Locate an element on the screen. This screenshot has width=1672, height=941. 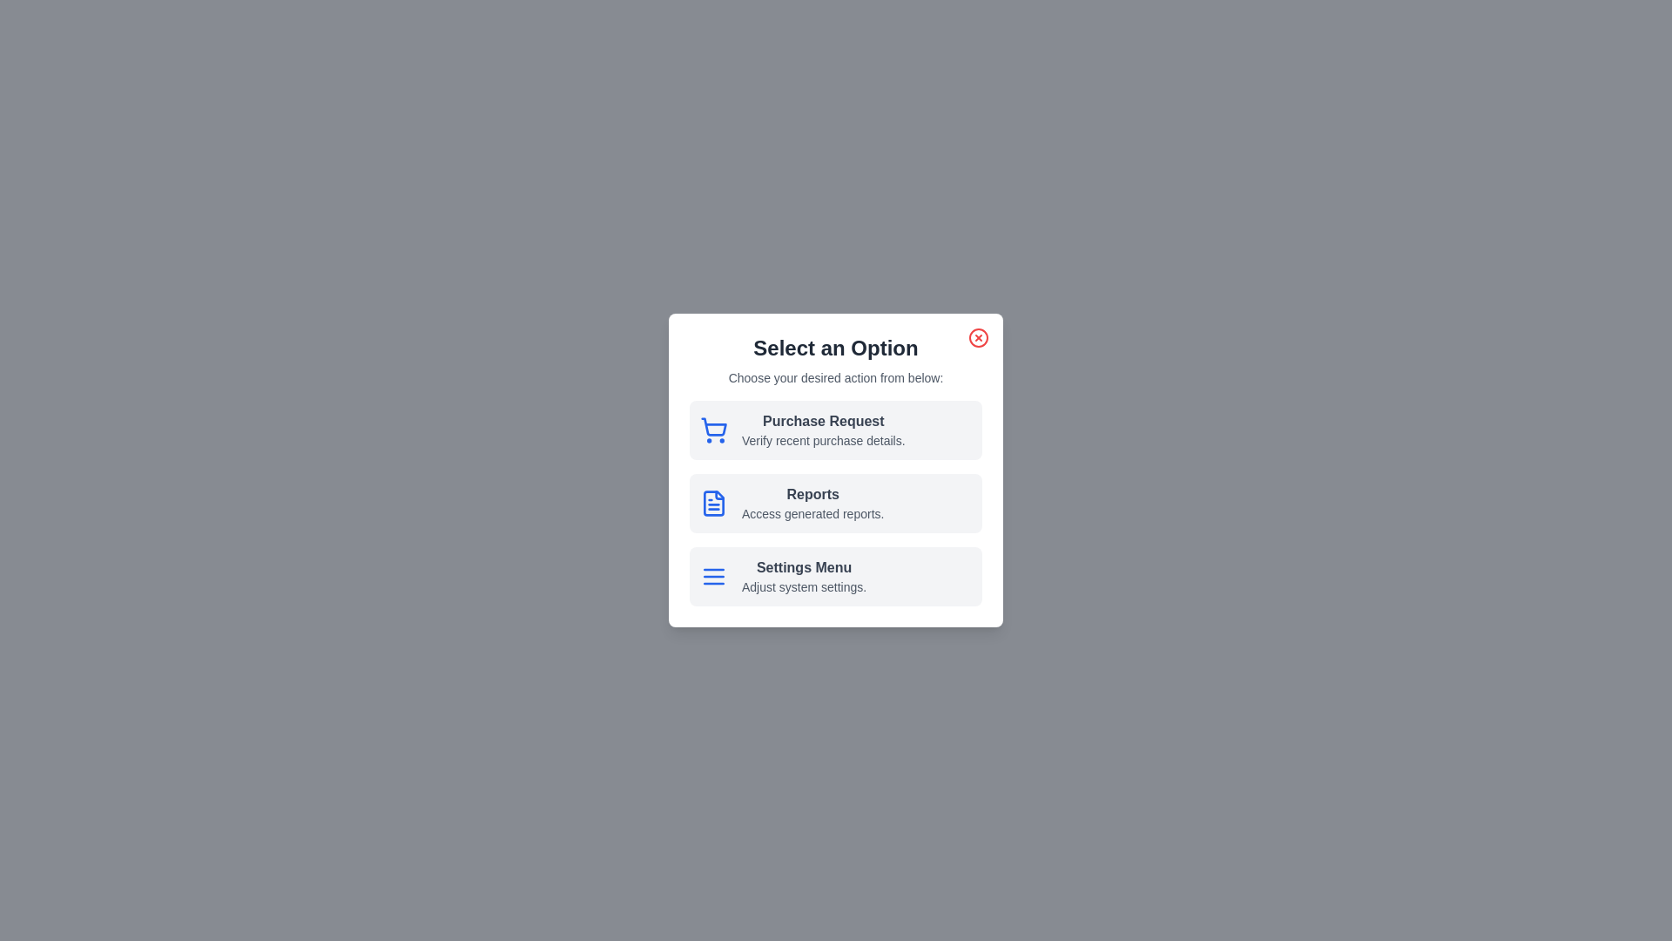
the option Reports from the EnhancedSelectDialog is located at coordinates (836, 504).